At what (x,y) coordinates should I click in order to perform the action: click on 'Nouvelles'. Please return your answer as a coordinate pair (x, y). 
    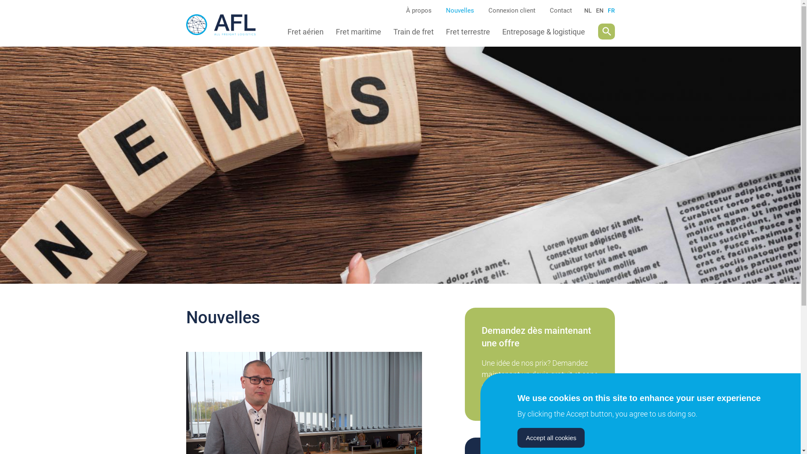
    Looking at the image, I should click on (459, 10).